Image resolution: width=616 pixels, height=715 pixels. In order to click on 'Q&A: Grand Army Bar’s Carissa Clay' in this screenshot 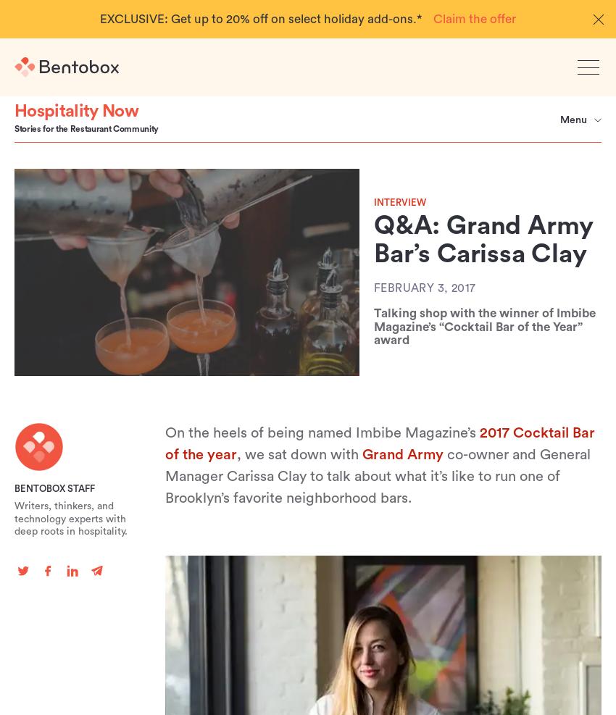, I will do `click(483, 239)`.